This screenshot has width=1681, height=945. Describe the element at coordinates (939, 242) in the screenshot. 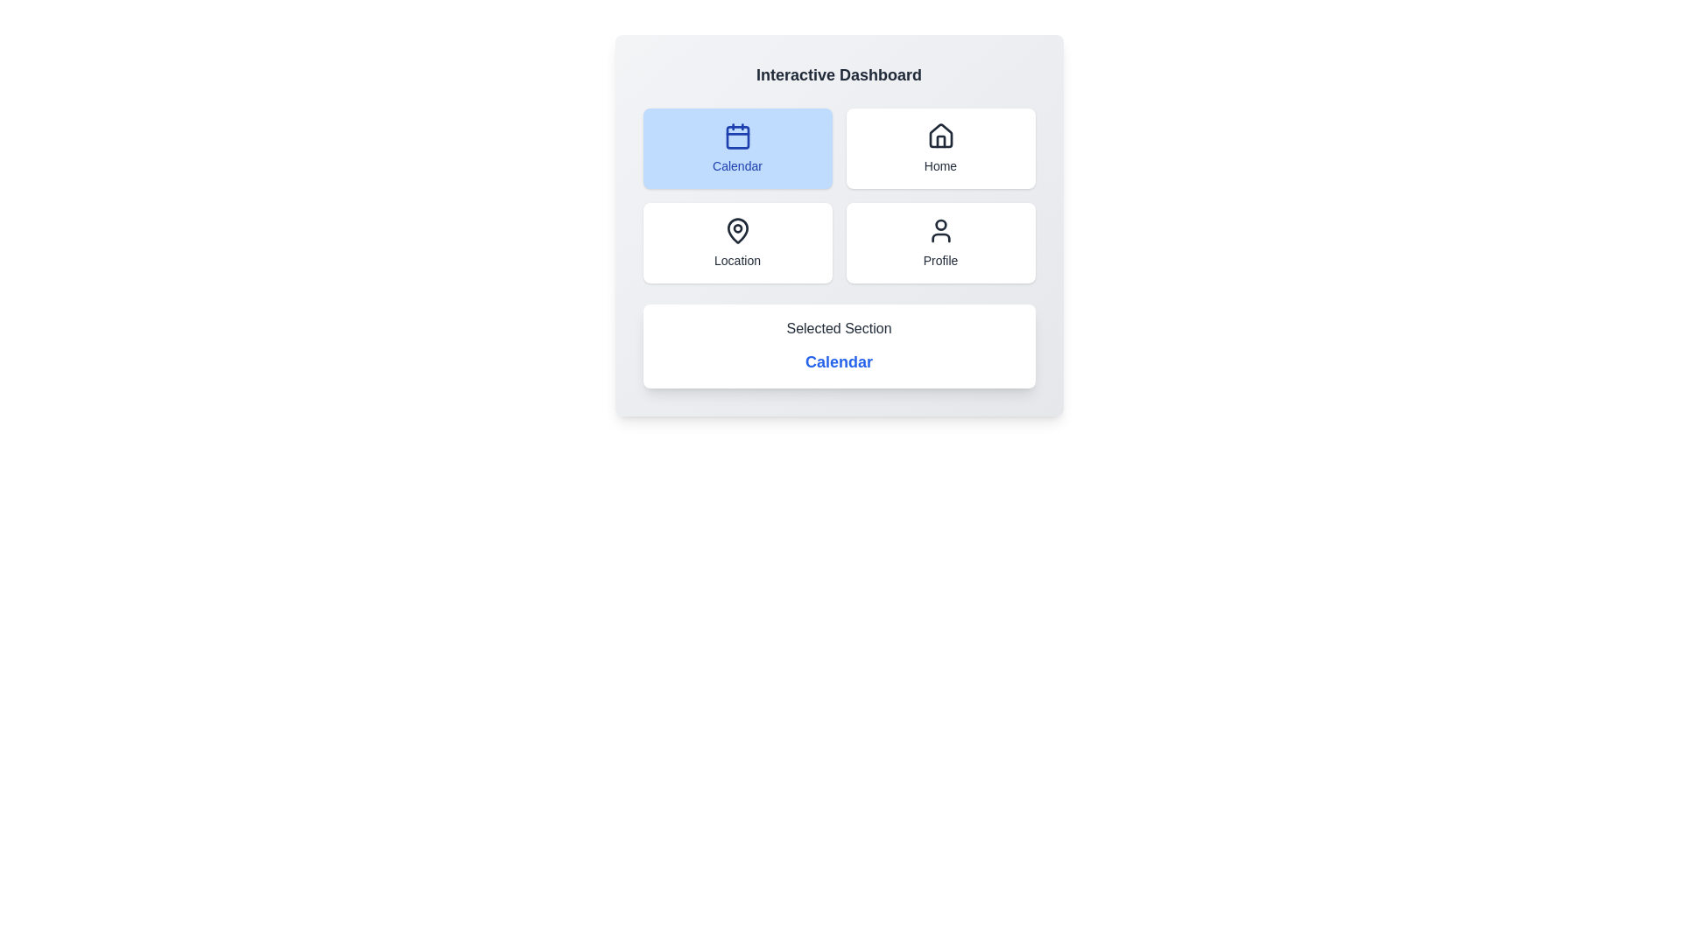

I see `the section Profile by clicking its corresponding button` at that location.